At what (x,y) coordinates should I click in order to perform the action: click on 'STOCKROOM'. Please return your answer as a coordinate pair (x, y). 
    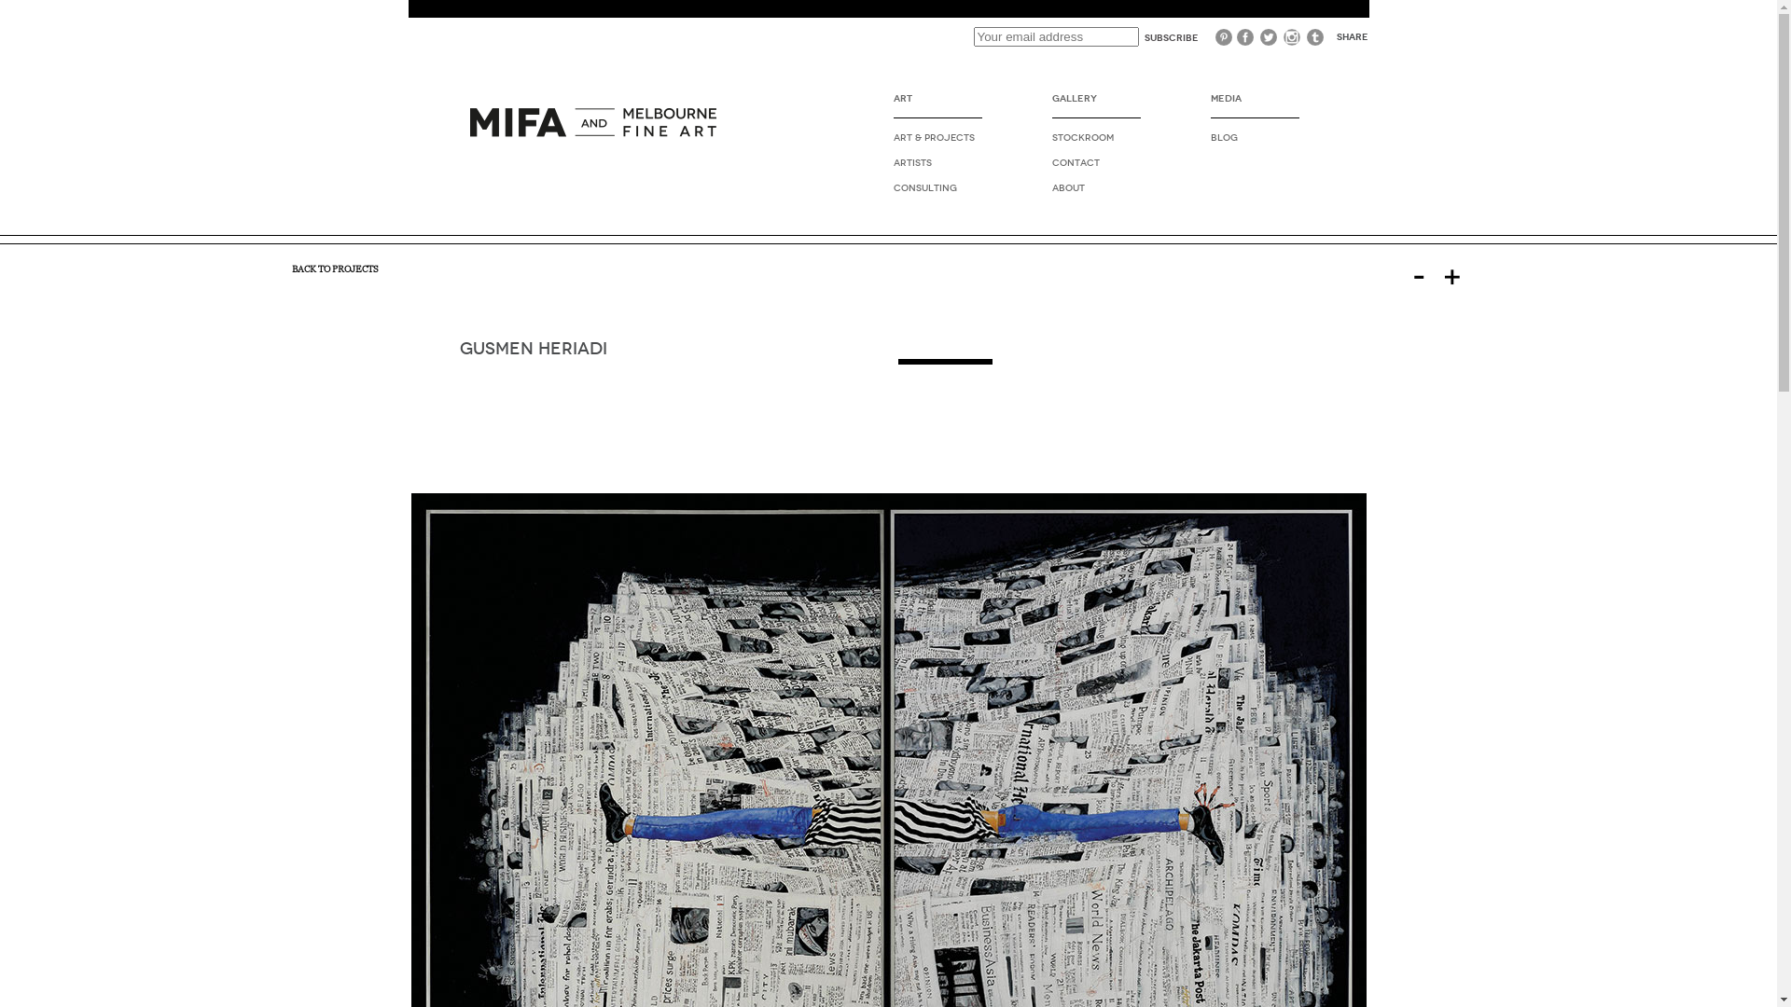
    Looking at the image, I should click on (1096, 136).